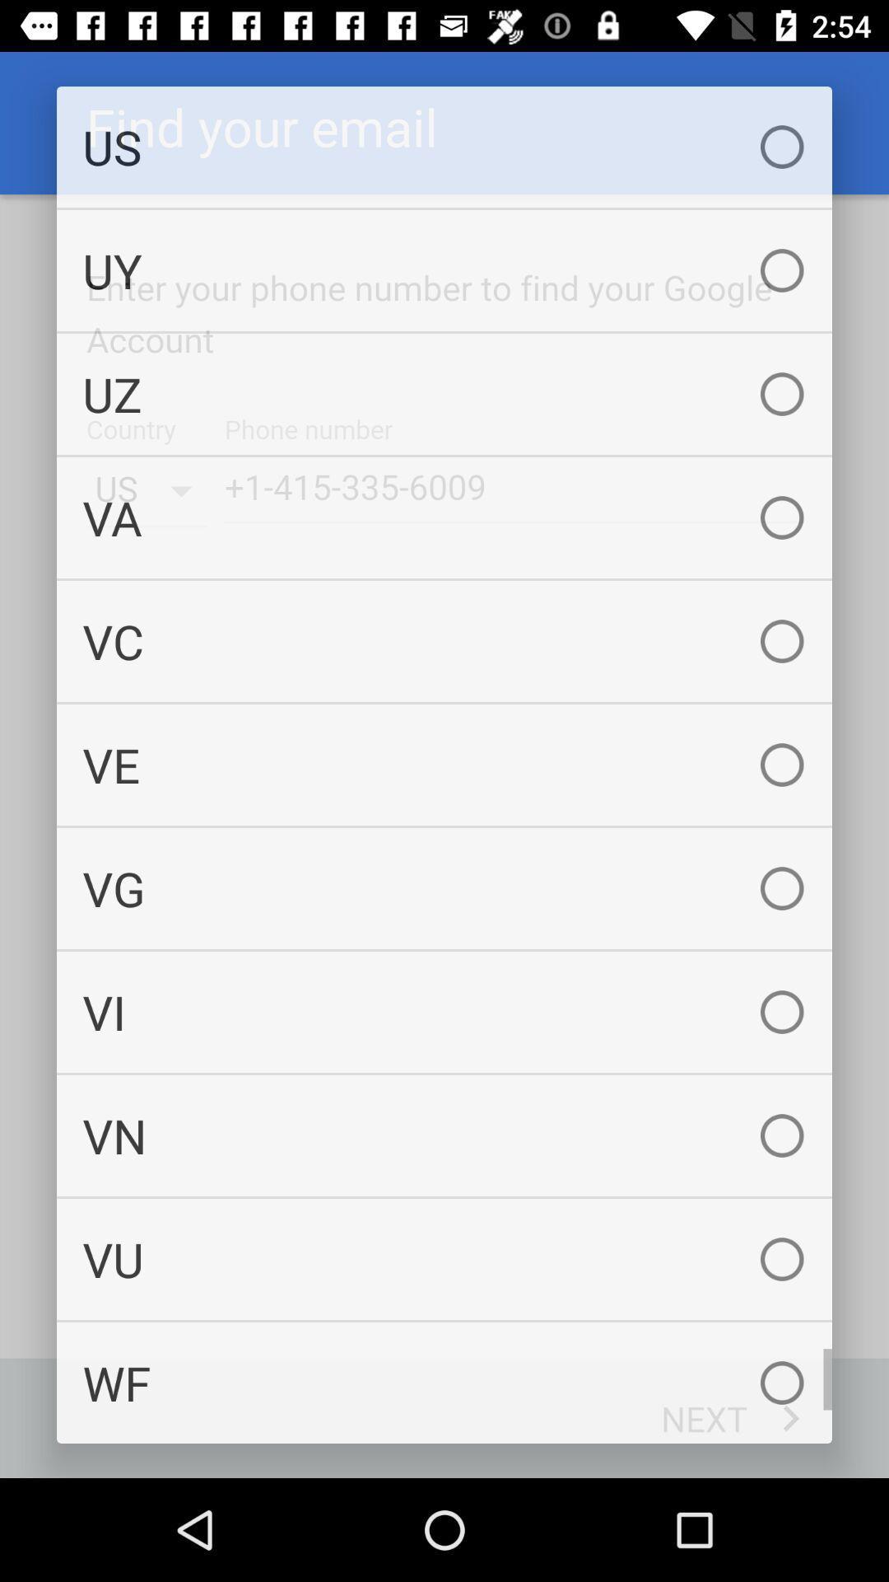  I want to click on the checkbox below the vi icon, so click(444, 1135).